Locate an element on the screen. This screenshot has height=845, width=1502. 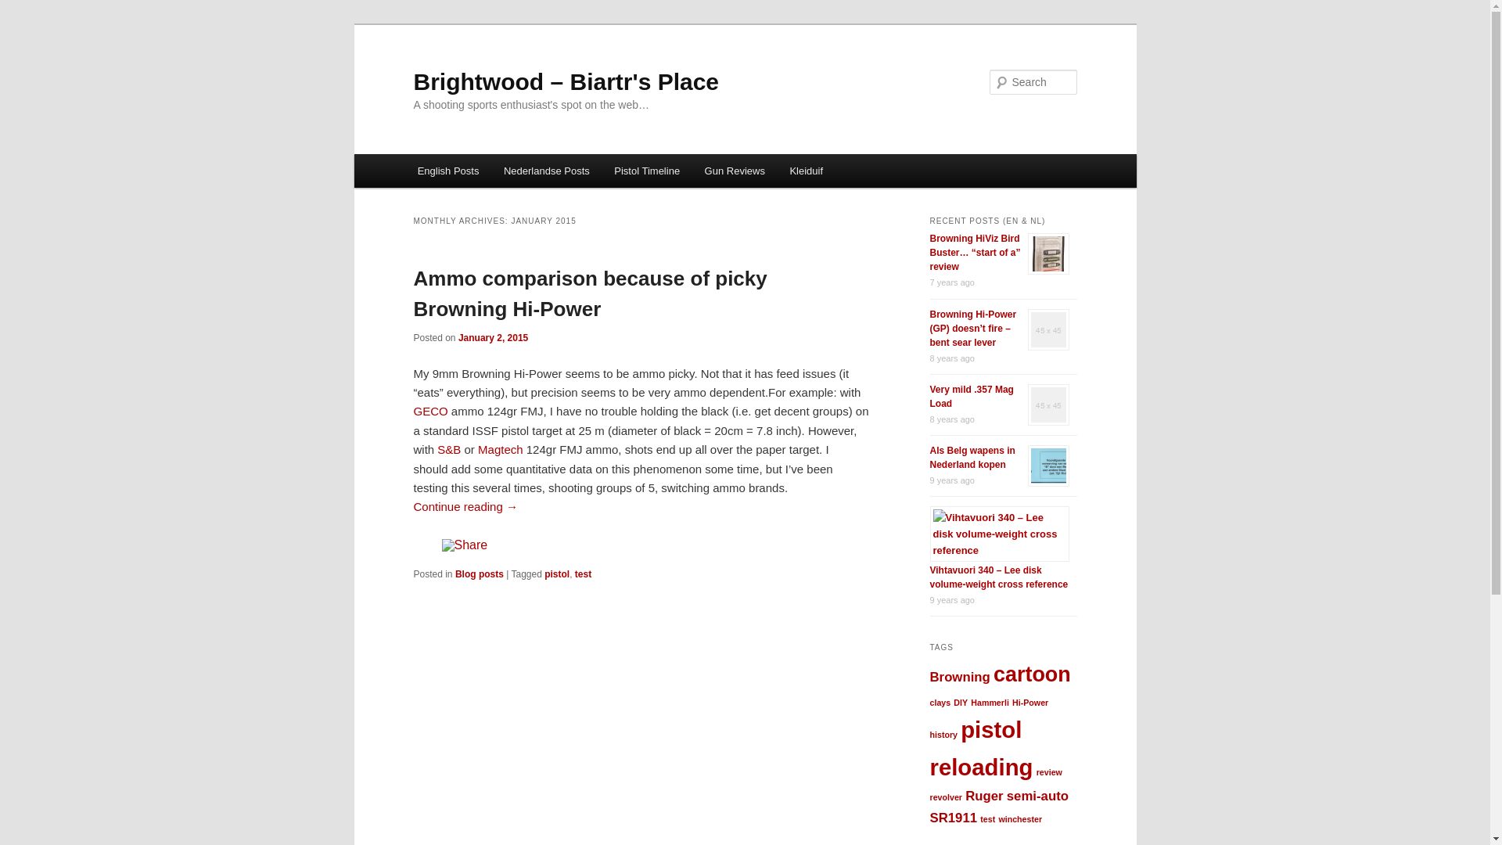
'January 2, 2015' is located at coordinates (457, 337).